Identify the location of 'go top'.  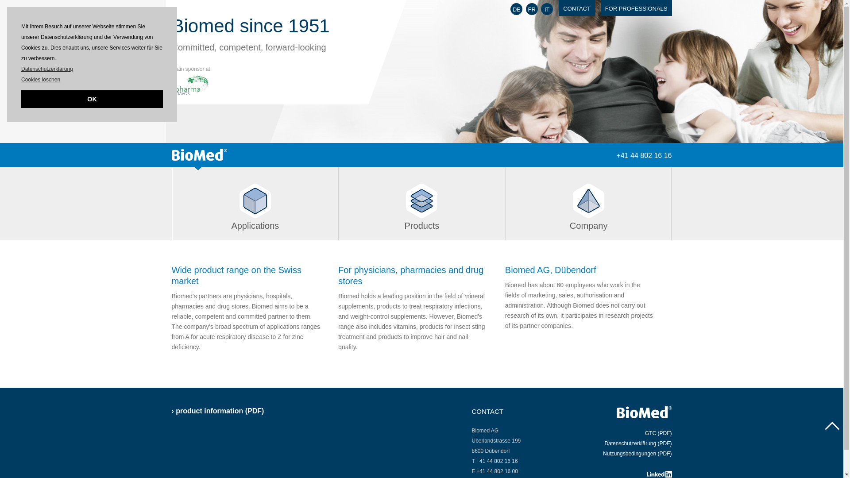
(832, 426).